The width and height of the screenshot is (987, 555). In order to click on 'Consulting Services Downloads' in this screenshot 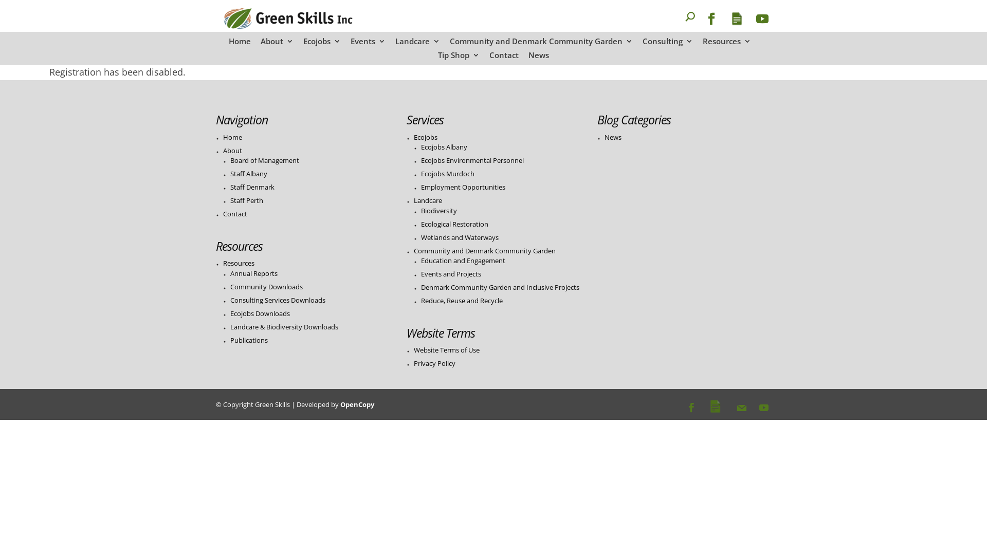, I will do `click(229, 300)`.